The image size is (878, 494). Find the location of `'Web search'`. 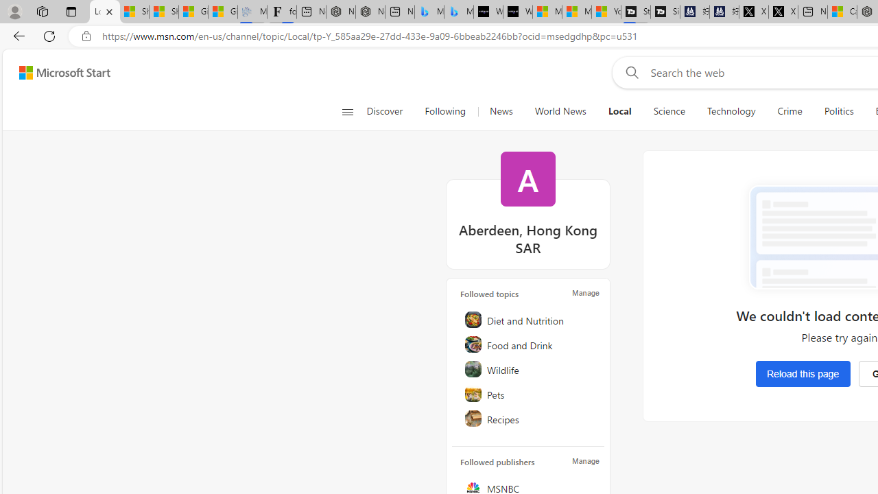

'Web search' is located at coordinates (628, 72).